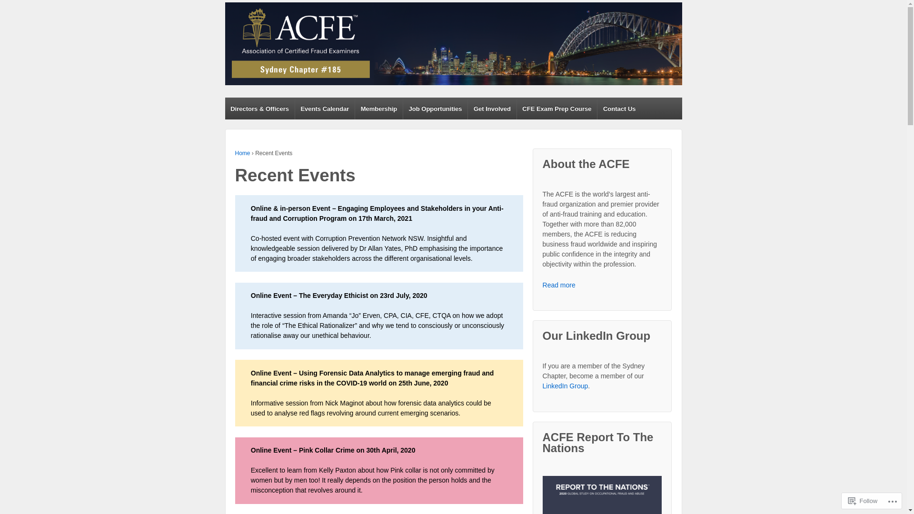  Describe the element at coordinates (402, 108) in the screenshot. I see `'Job Opportunities'` at that location.